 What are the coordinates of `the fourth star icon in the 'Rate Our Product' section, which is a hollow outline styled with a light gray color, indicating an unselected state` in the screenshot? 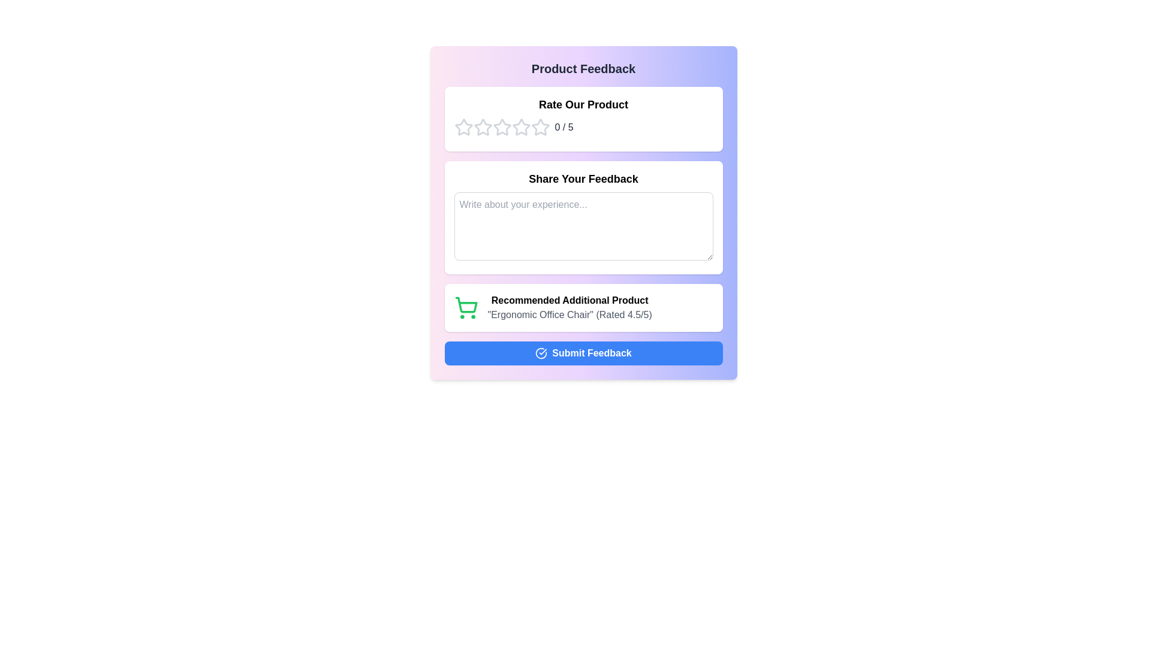 It's located at (502, 127).